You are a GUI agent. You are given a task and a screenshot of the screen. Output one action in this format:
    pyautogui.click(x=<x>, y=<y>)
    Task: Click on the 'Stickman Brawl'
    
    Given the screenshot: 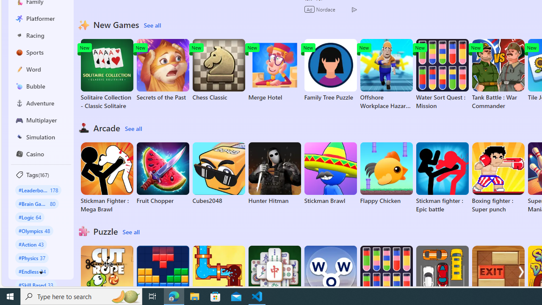 What is the action you would take?
    pyautogui.click(x=330, y=173)
    